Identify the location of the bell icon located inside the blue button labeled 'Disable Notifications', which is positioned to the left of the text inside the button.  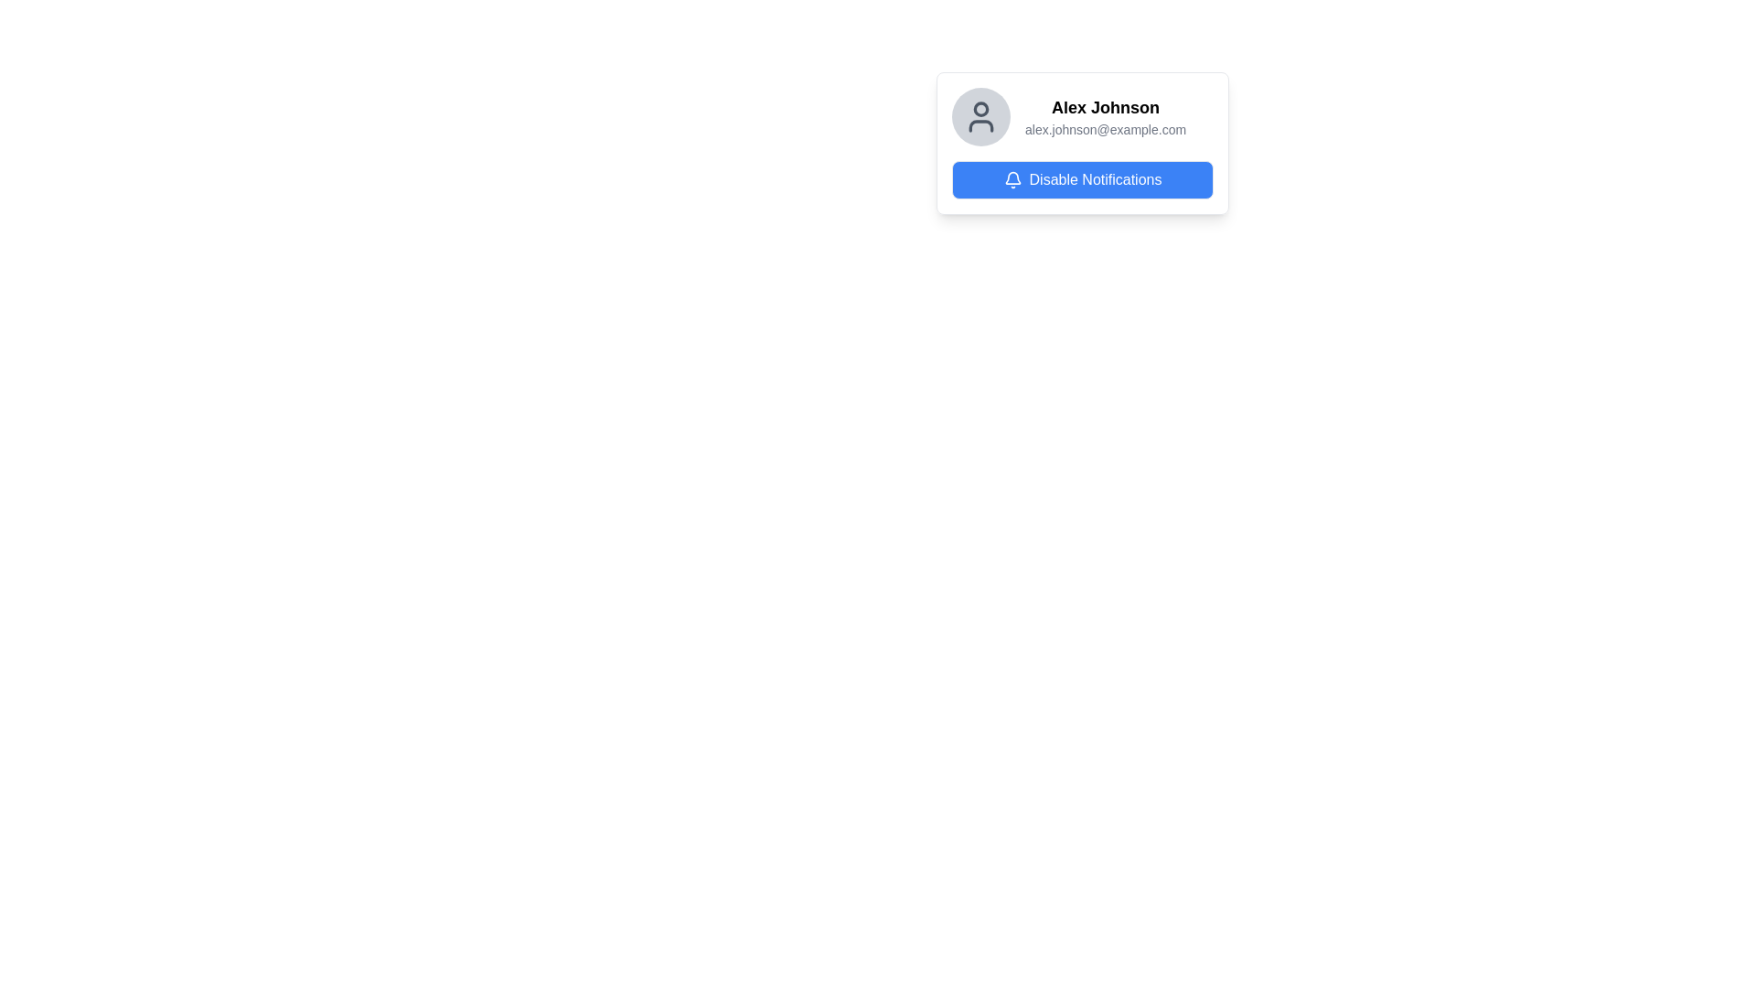
(1012, 179).